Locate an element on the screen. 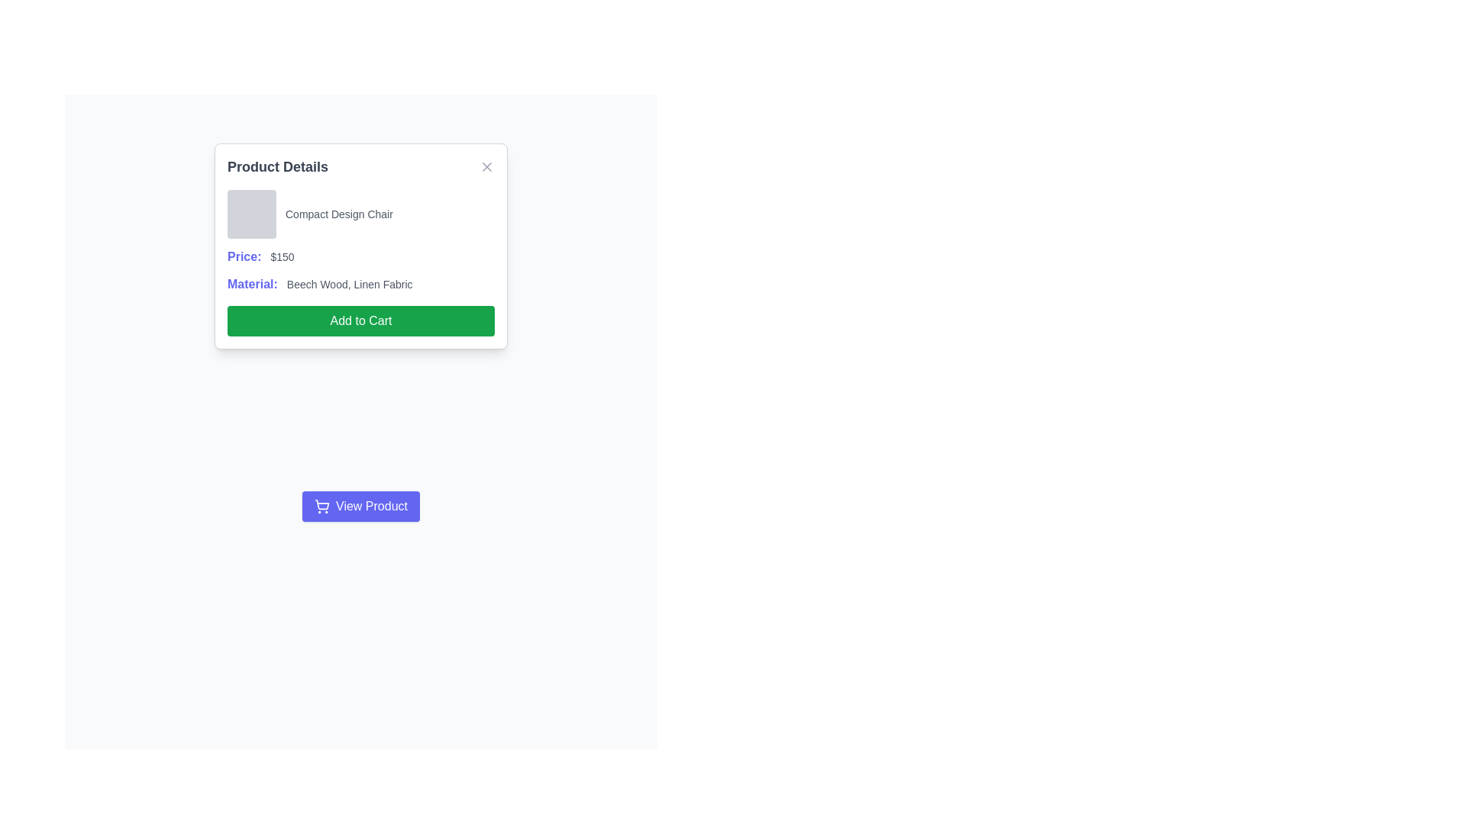 Image resolution: width=1466 pixels, height=824 pixels. the price text displaying $150, which is positioned adjacent to the purple-highlighted 'Price:' text within the product detail card is located at coordinates (282, 256).